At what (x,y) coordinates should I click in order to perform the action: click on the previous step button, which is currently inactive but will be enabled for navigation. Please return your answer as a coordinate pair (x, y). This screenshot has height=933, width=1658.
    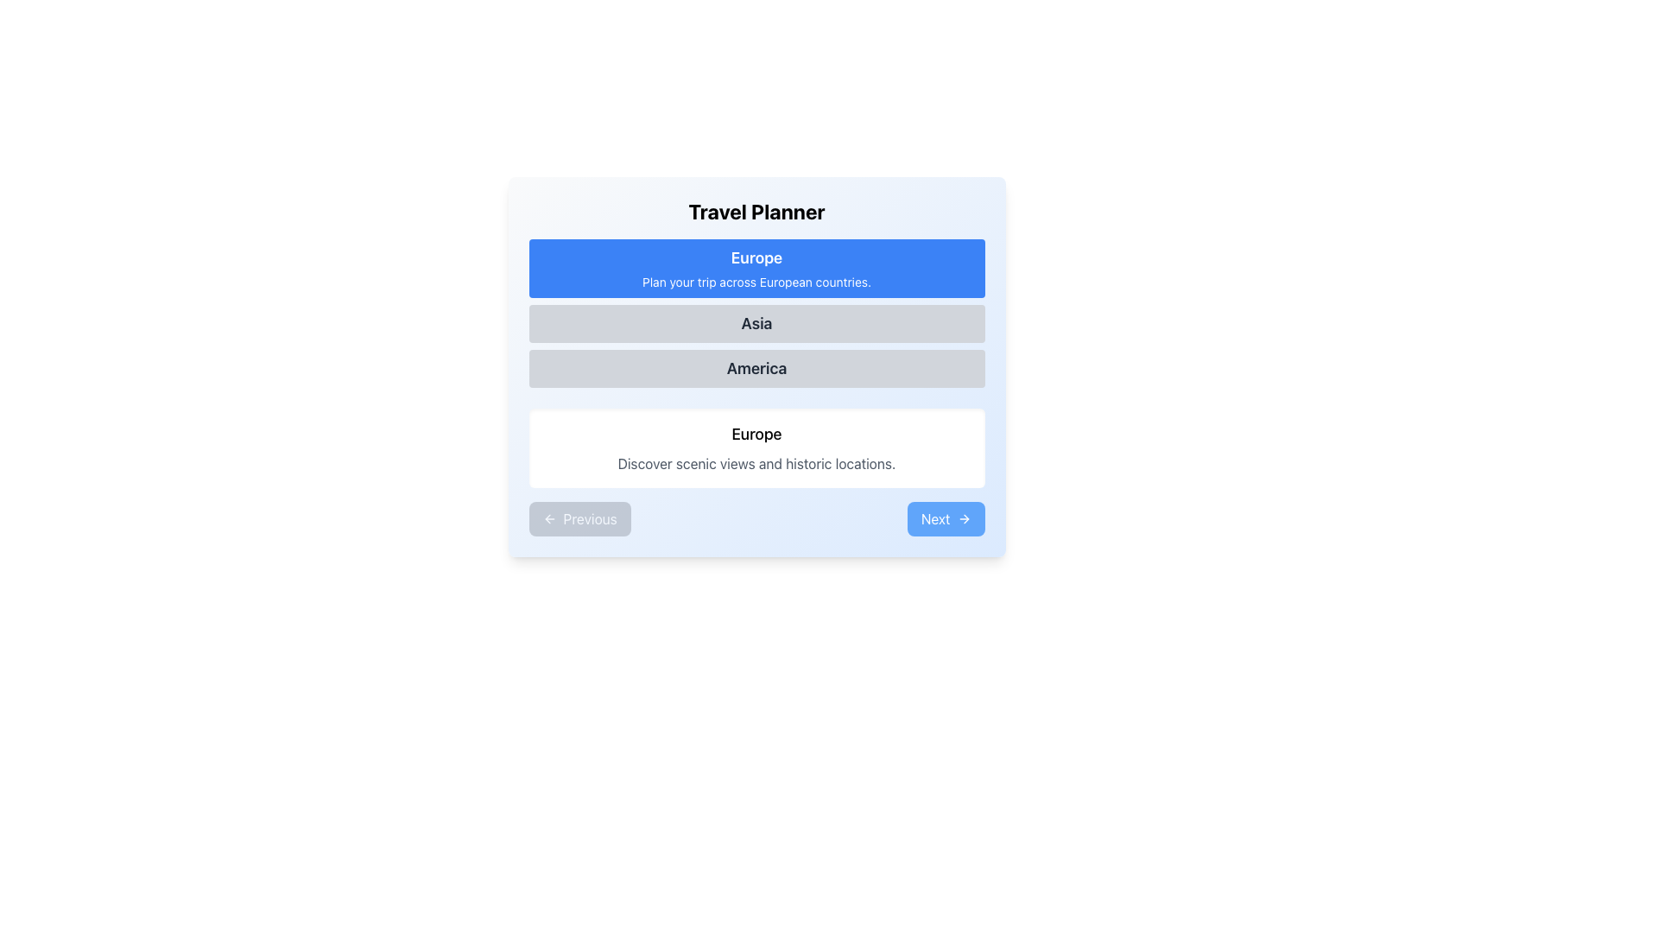
    Looking at the image, I should click on (579, 518).